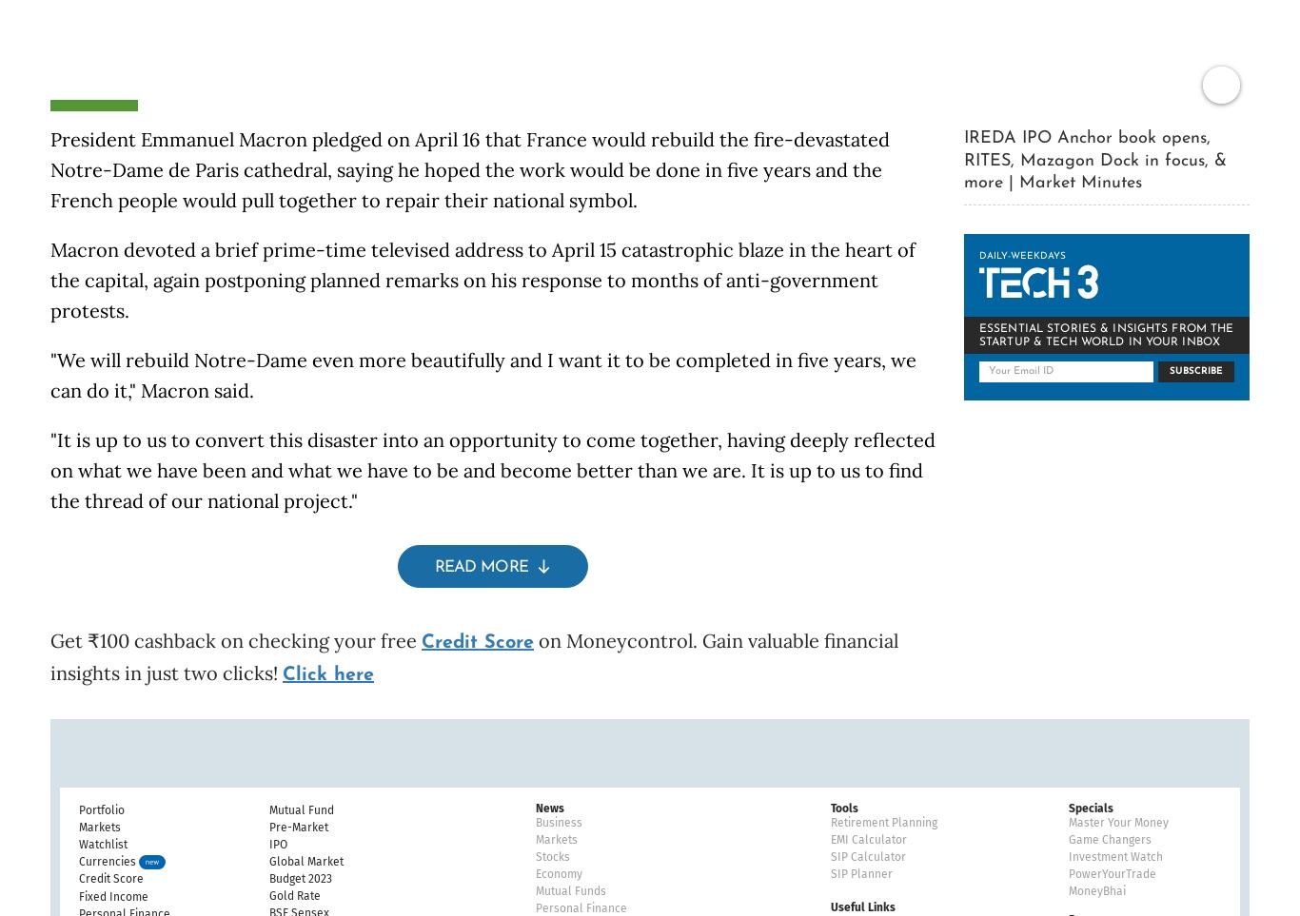 The height and width of the screenshot is (916, 1300). I want to click on 'ESSENTIAL STORIES & INSIGHTS FROM THE STARTUP & TECH WORLD IN YOUR INBOX', so click(1106, 307).